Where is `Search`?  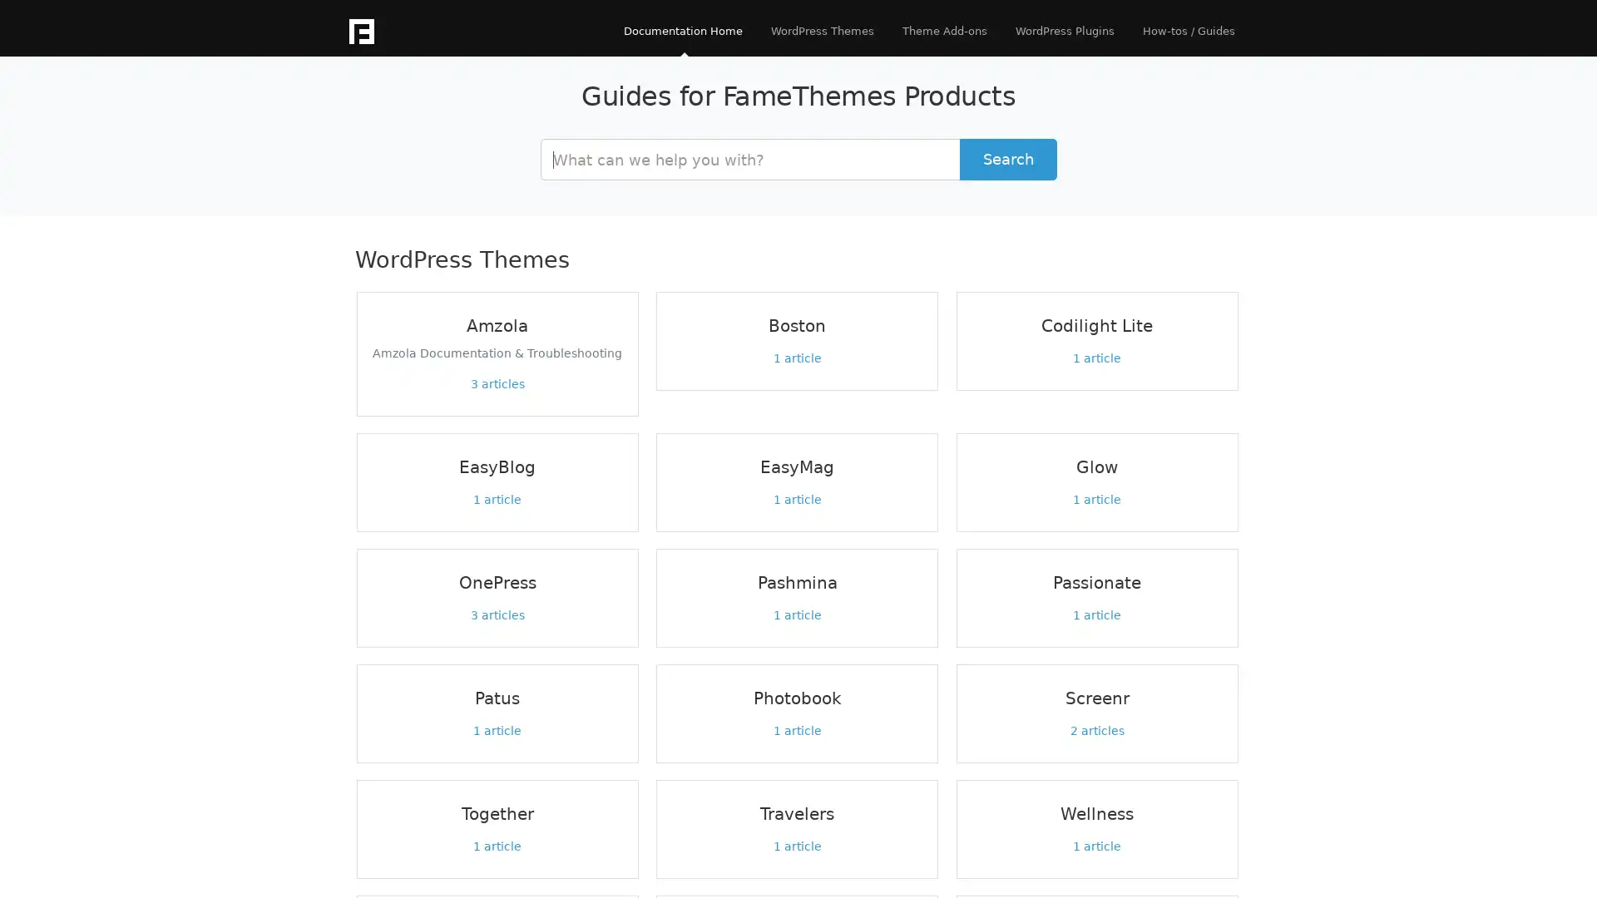 Search is located at coordinates (1007, 160).